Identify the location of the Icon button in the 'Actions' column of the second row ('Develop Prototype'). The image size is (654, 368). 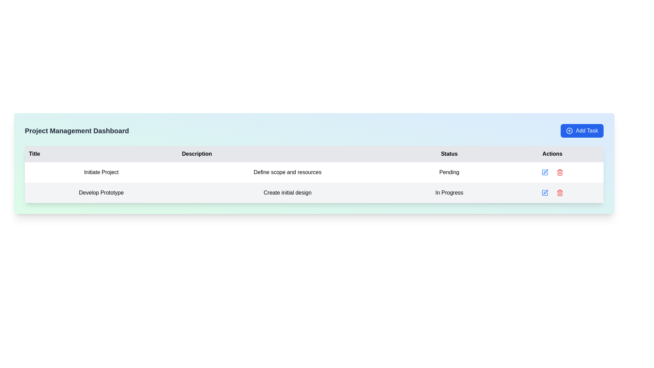
(544, 193).